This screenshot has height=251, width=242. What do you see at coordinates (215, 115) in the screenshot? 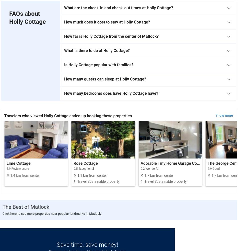
I see `'Show more'` at bounding box center [215, 115].